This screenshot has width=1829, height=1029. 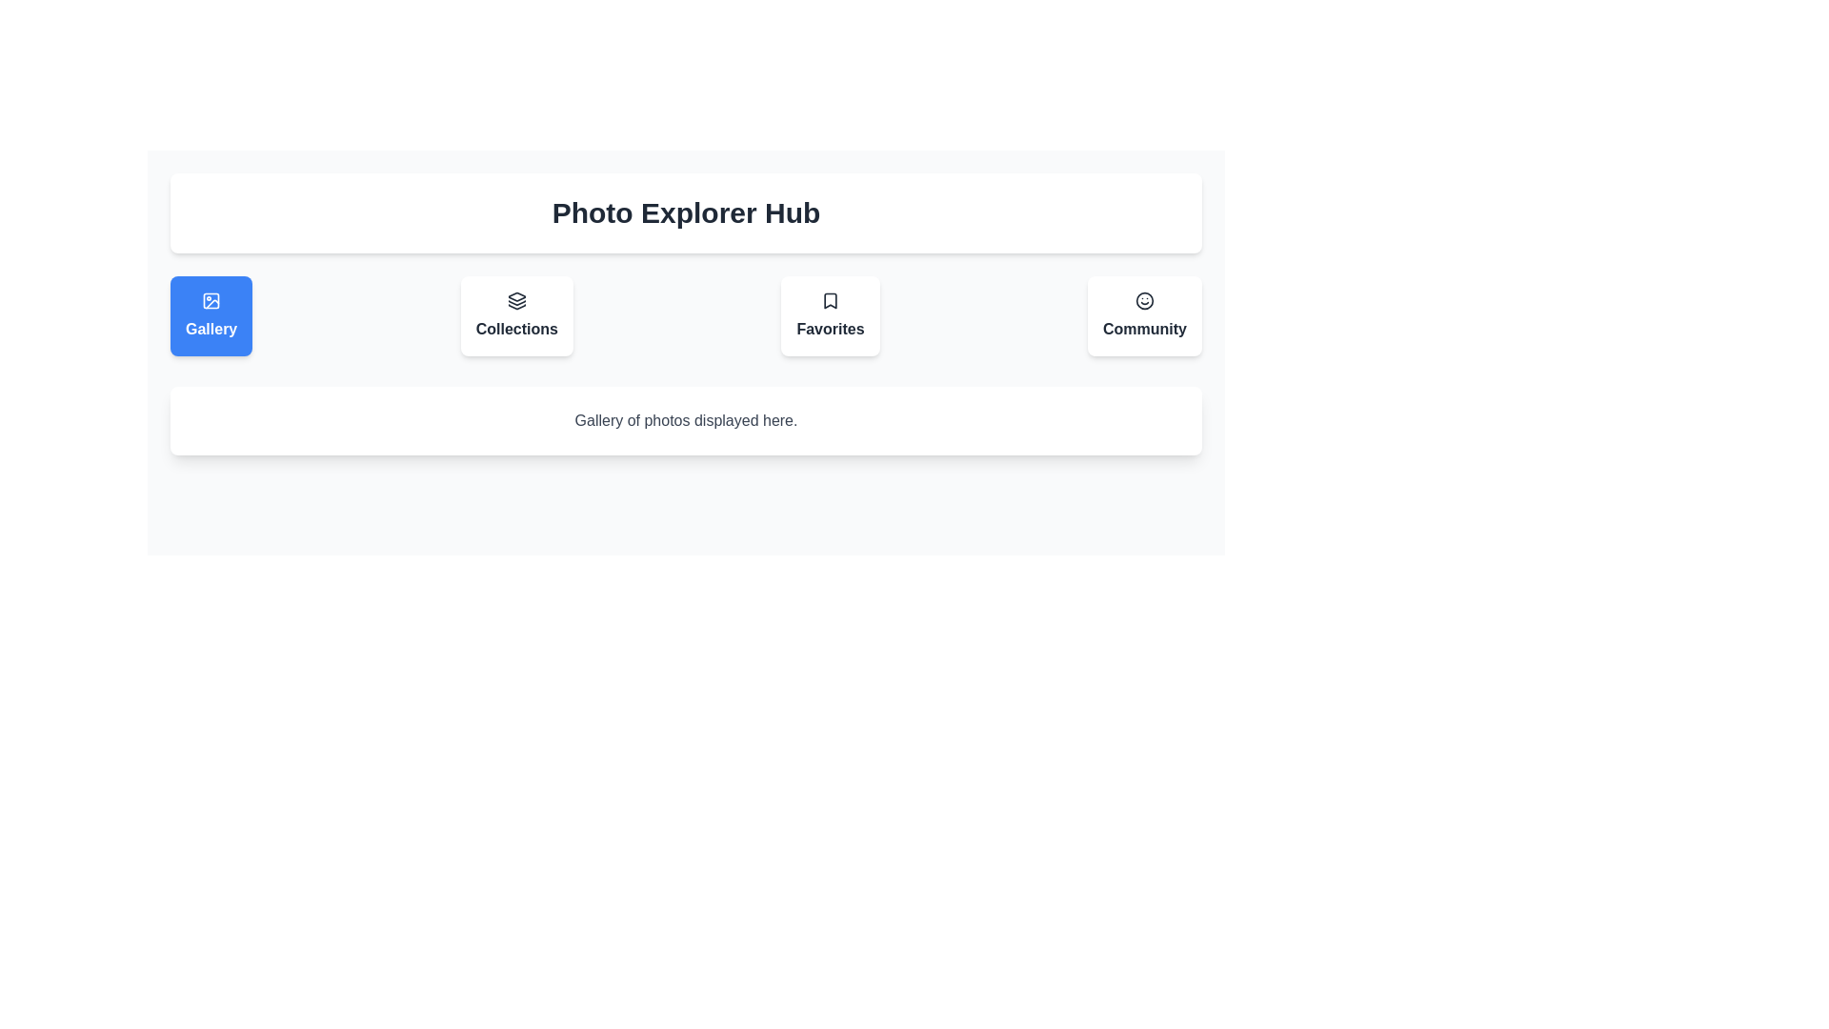 I want to click on the circular icon element that forms the base of the smiley face within the 'Community' button of the primary navigation menu, so click(x=1143, y=300).